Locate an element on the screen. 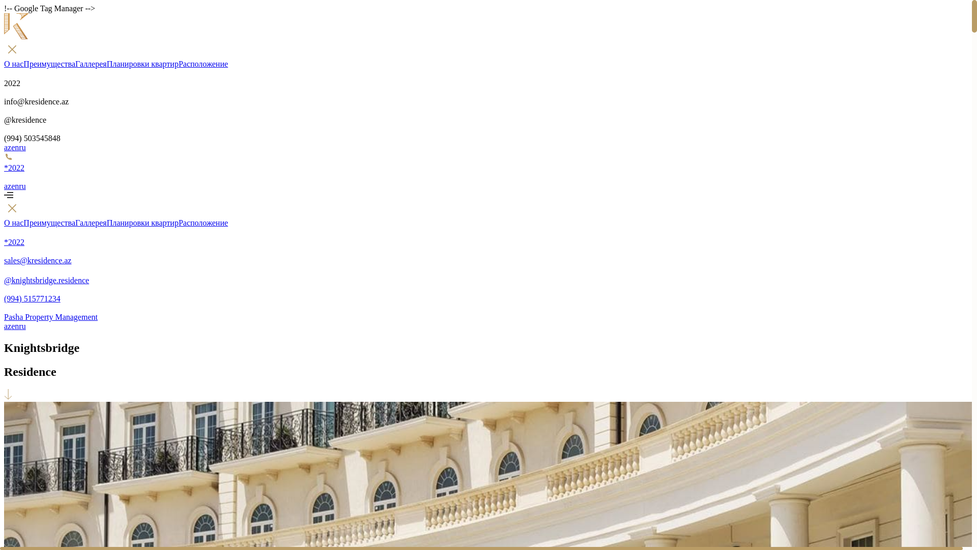 The height and width of the screenshot is (550, 977). '*2022' is located at coordinates (485, 237).